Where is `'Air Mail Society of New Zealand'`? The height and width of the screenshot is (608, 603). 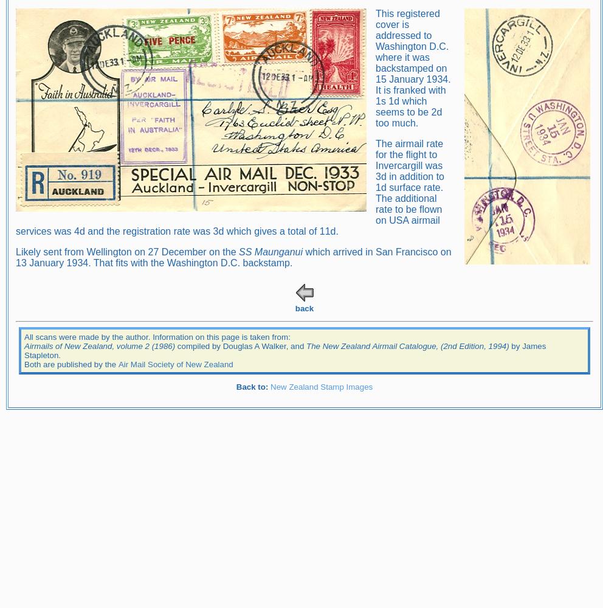 'Air Mail Society of New Zealand' is located at coordinates (117, 364).